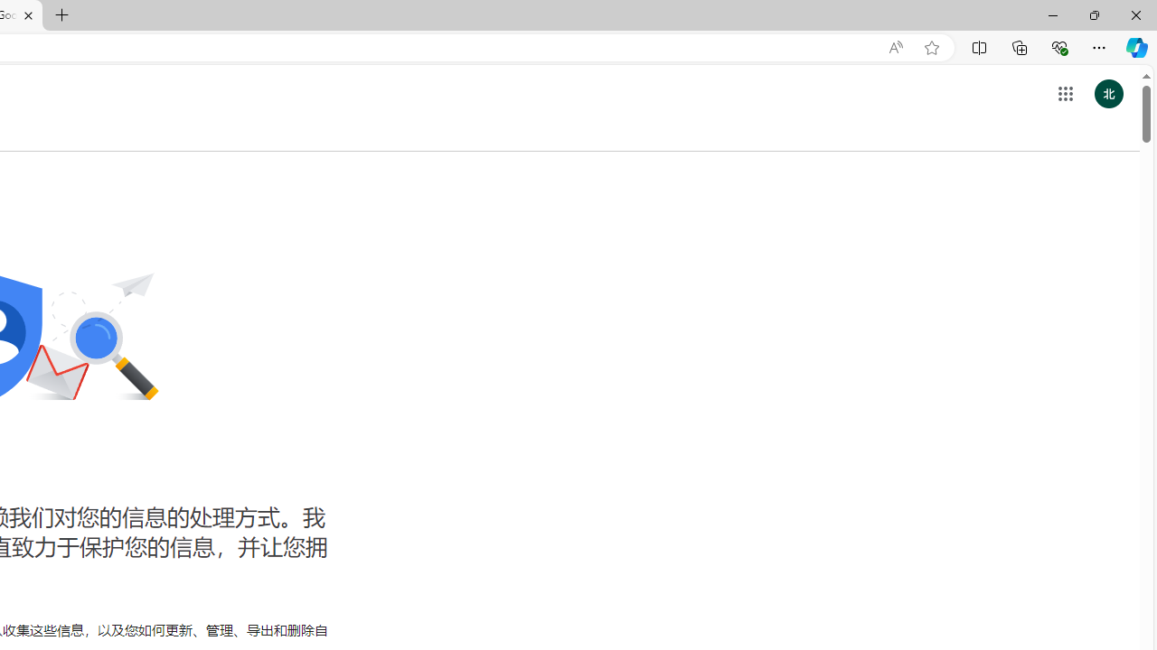  What do you see at coordinates (932, 47) in the screenshot?
I see `'Add this page to favorites (Ctrl+D)'` at bounding box center [932, 47].